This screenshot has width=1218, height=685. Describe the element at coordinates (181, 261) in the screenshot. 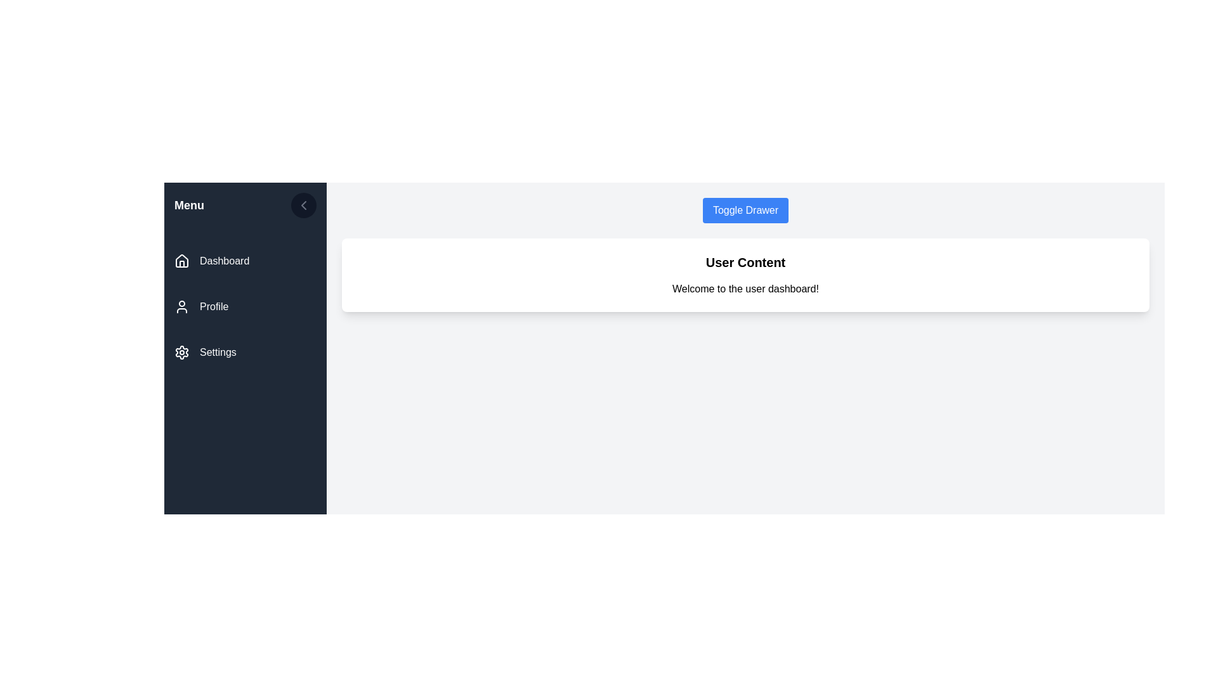

I see `the 'Dashboard' icon in the vertical sidebar` at that location.